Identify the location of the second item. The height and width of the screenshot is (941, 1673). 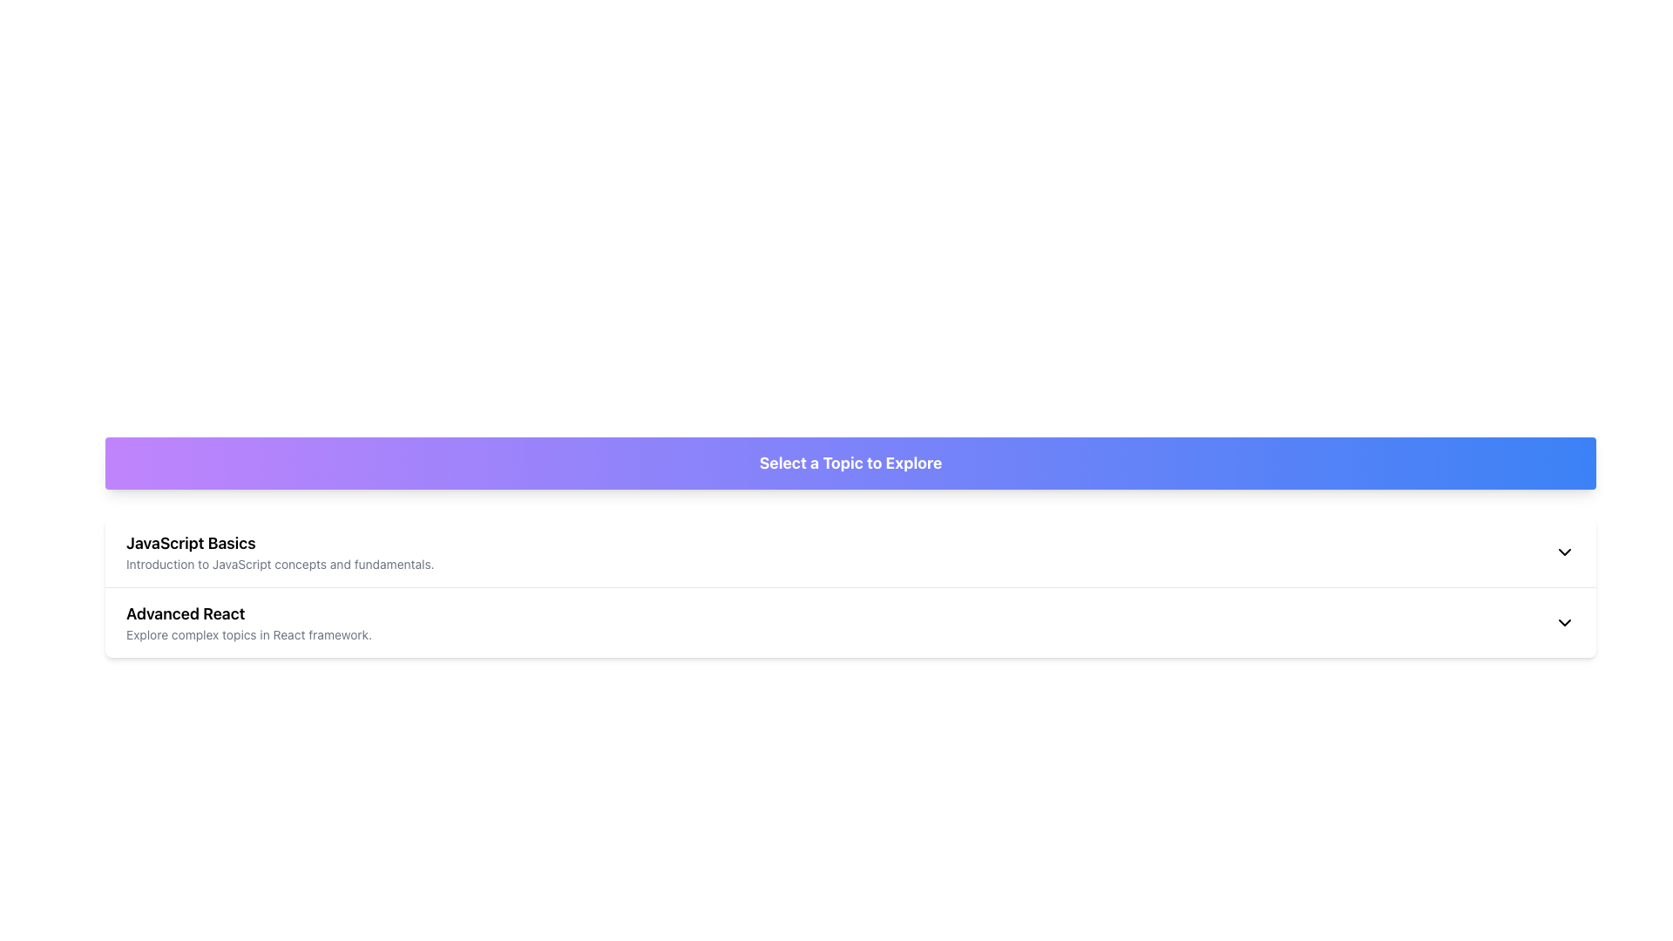
(850, 621).